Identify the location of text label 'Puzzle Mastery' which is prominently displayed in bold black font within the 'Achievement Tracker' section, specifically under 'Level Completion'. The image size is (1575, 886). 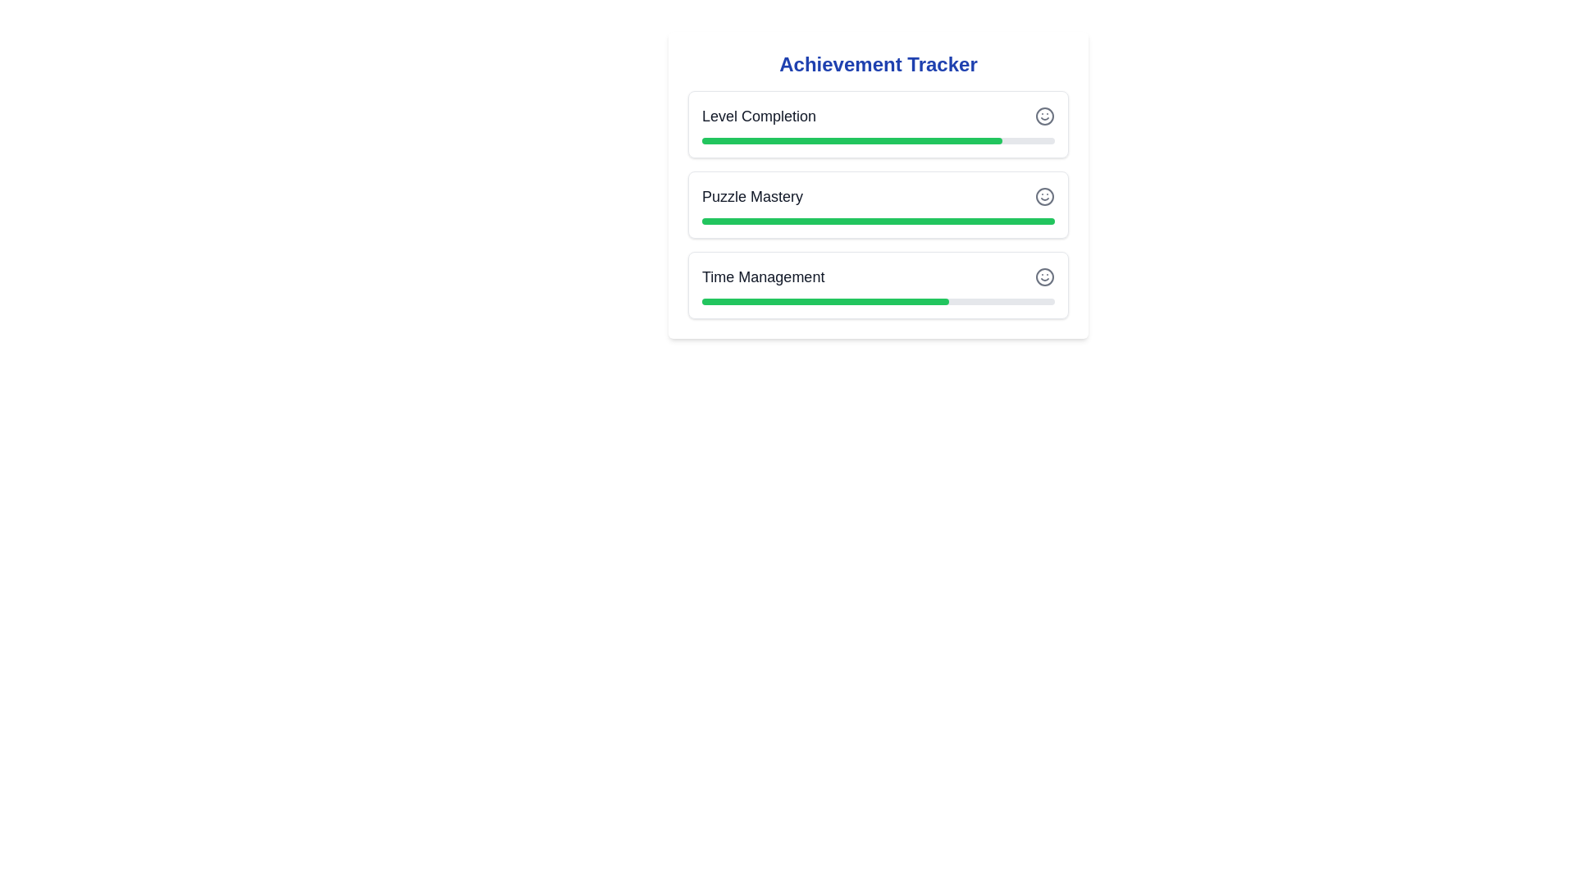
(751, 195).